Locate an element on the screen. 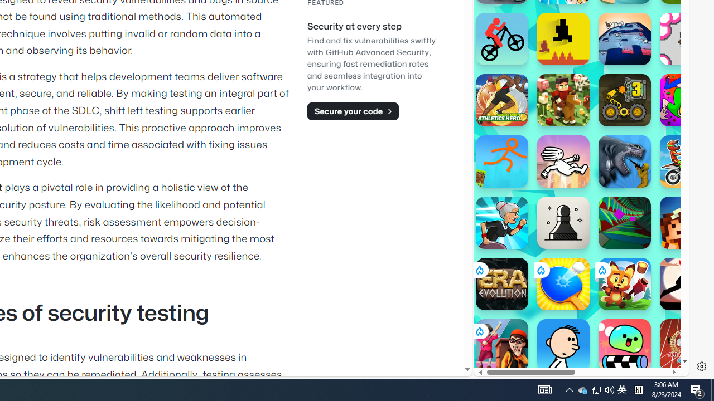 This screenshot has width=714, height=401. 'Poor Eddie' is located at coordinates (563, 344).